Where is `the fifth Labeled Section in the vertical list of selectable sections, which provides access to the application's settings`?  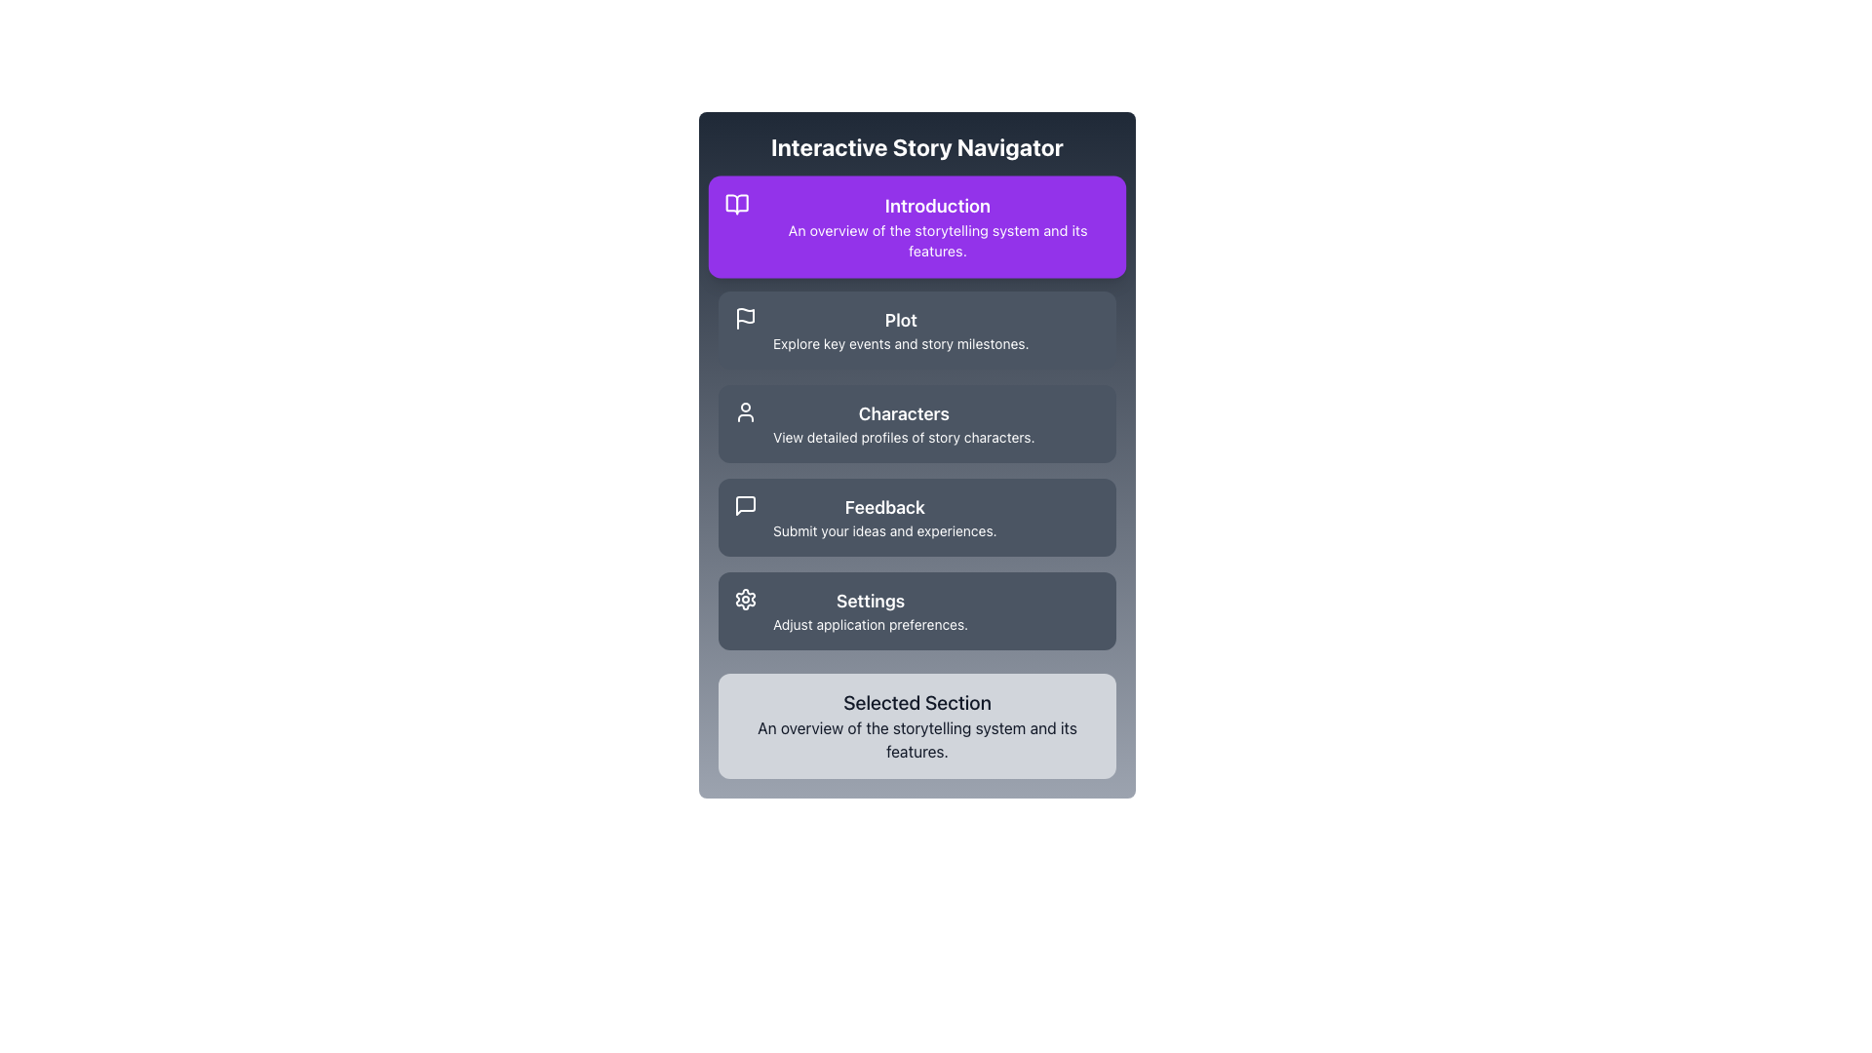
the fifth Labeled Section in the vertical list of selectable sections, which provides access to the application's settings is located at coordinates (870, 610).